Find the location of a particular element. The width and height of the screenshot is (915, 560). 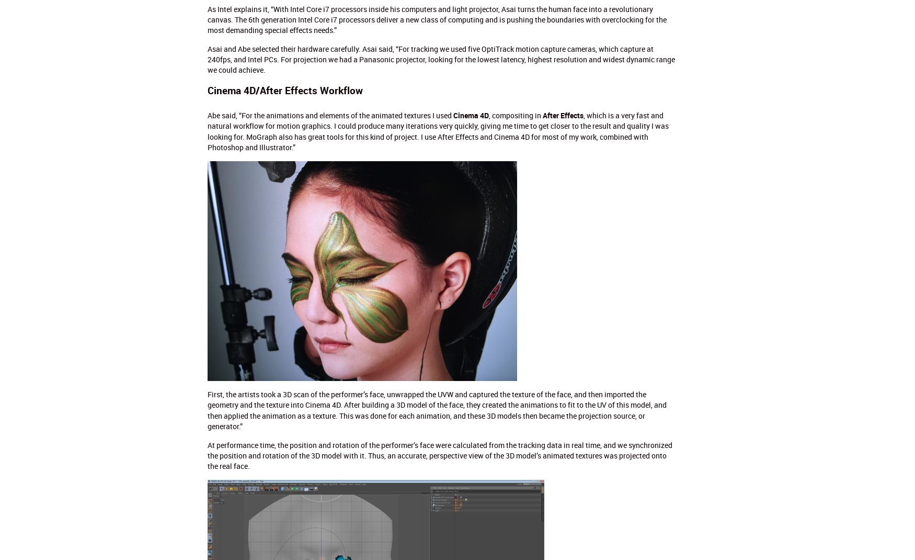

'Abe said, “For the animations and elements of the animated textures I used' is located at coordinates (329, 115).